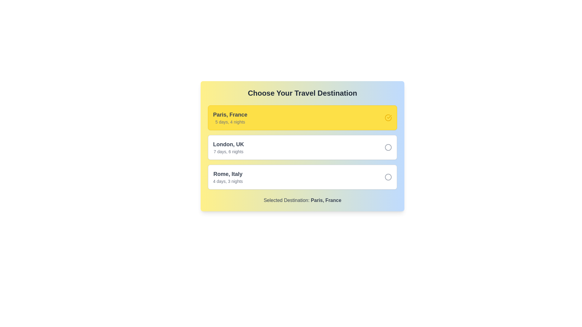 Image resolution: width=582 pixels, height=327 pixels. I want to click on the travel options card displaying information about 'London, UK', which is the second card in a vertical stack of three cards, so click(303, 146).